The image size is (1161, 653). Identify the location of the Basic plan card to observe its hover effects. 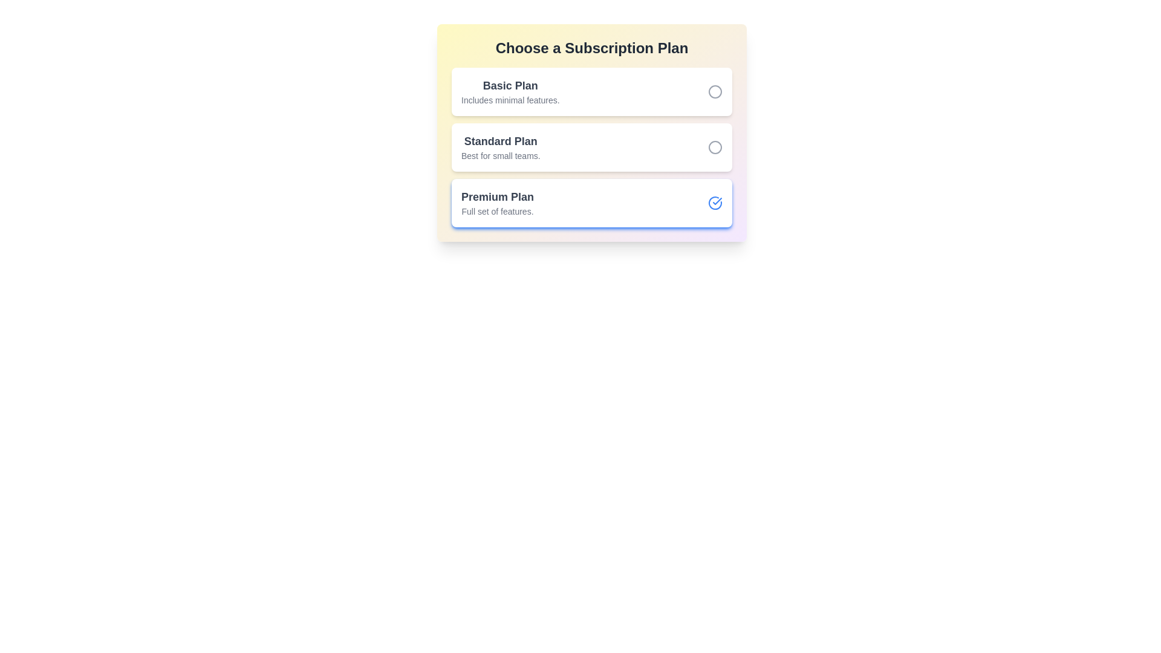
(592, 91).